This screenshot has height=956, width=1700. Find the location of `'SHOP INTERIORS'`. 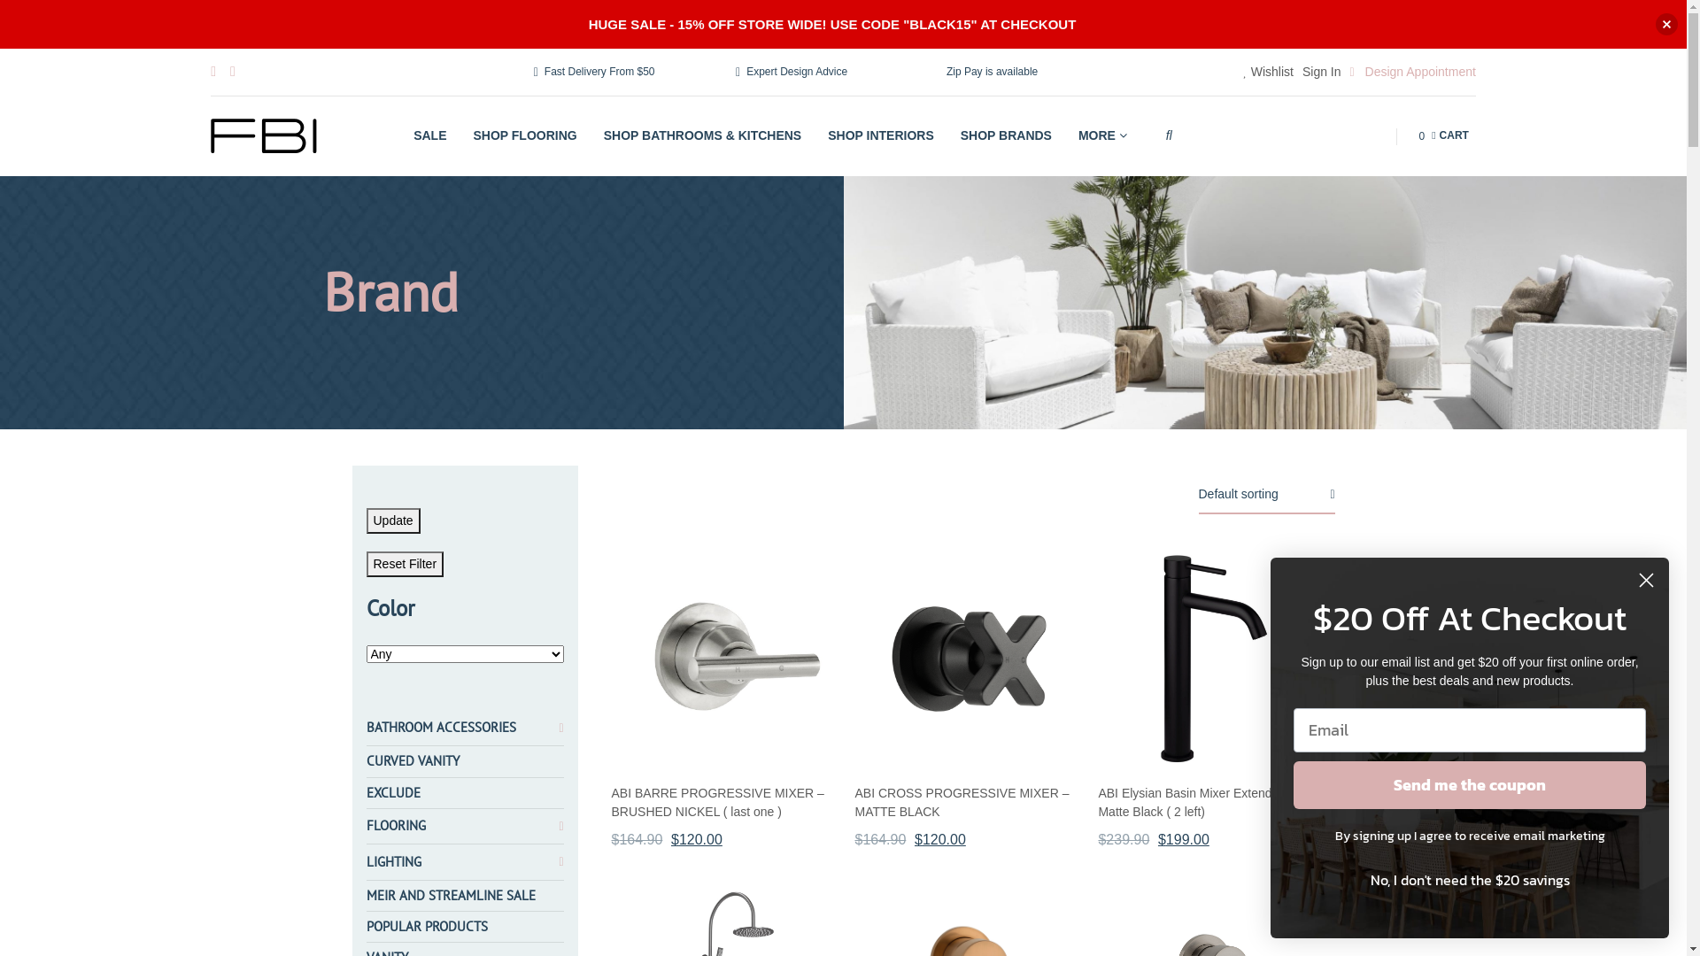

'SHOP INTERIORS' is located at coordinates (881, 135).